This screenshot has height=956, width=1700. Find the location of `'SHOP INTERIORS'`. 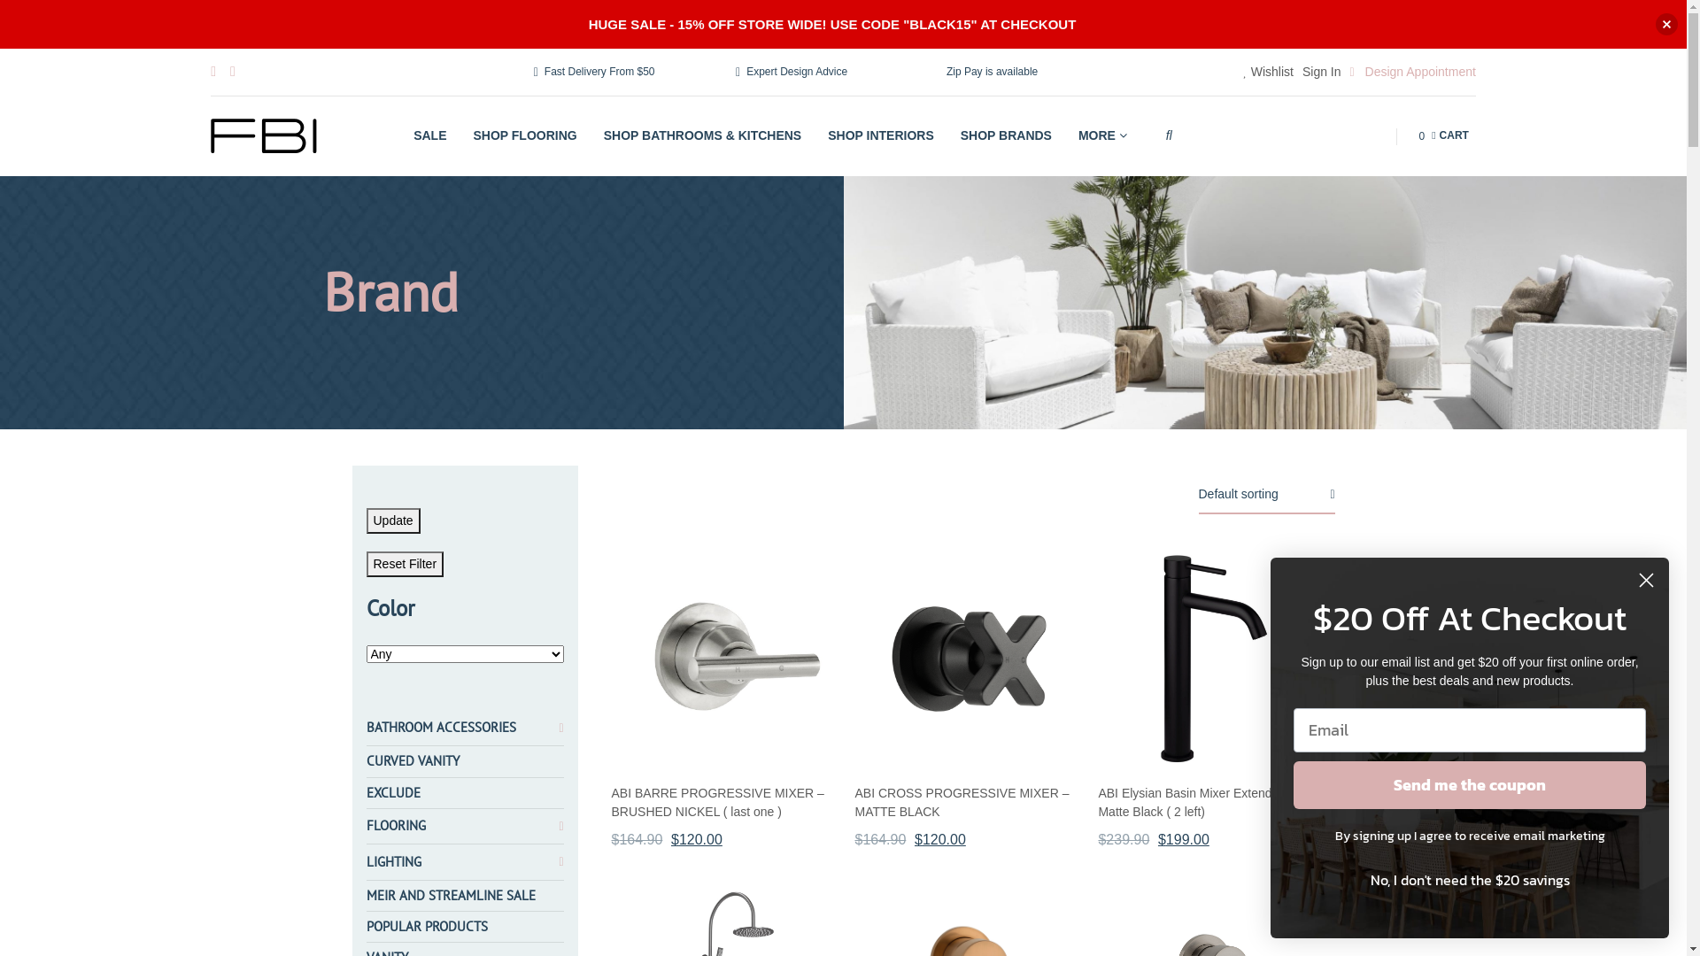

'SHOP INTERIORS' is located at coordinates (881, 135).